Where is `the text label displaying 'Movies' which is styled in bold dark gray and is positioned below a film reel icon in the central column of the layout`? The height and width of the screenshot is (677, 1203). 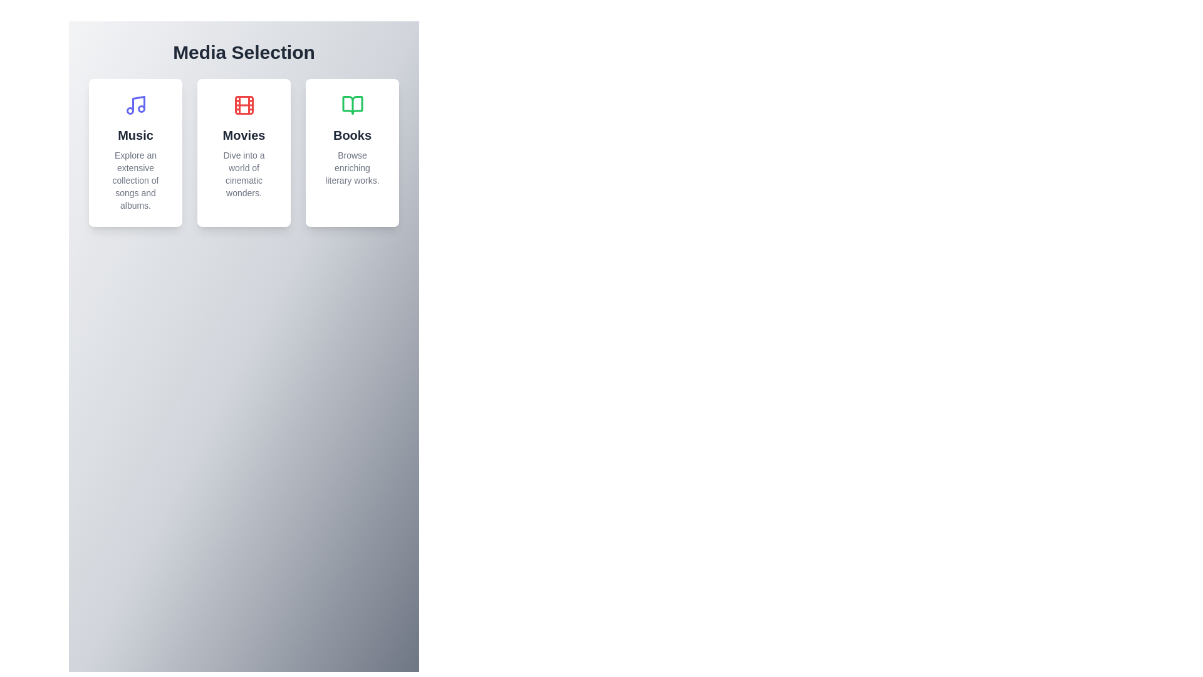 the text label displaying 'Movies' which is styled in bold dark gray and is positioned below a film reel icon in the central column of the layout is located at coordinates (244, 135).